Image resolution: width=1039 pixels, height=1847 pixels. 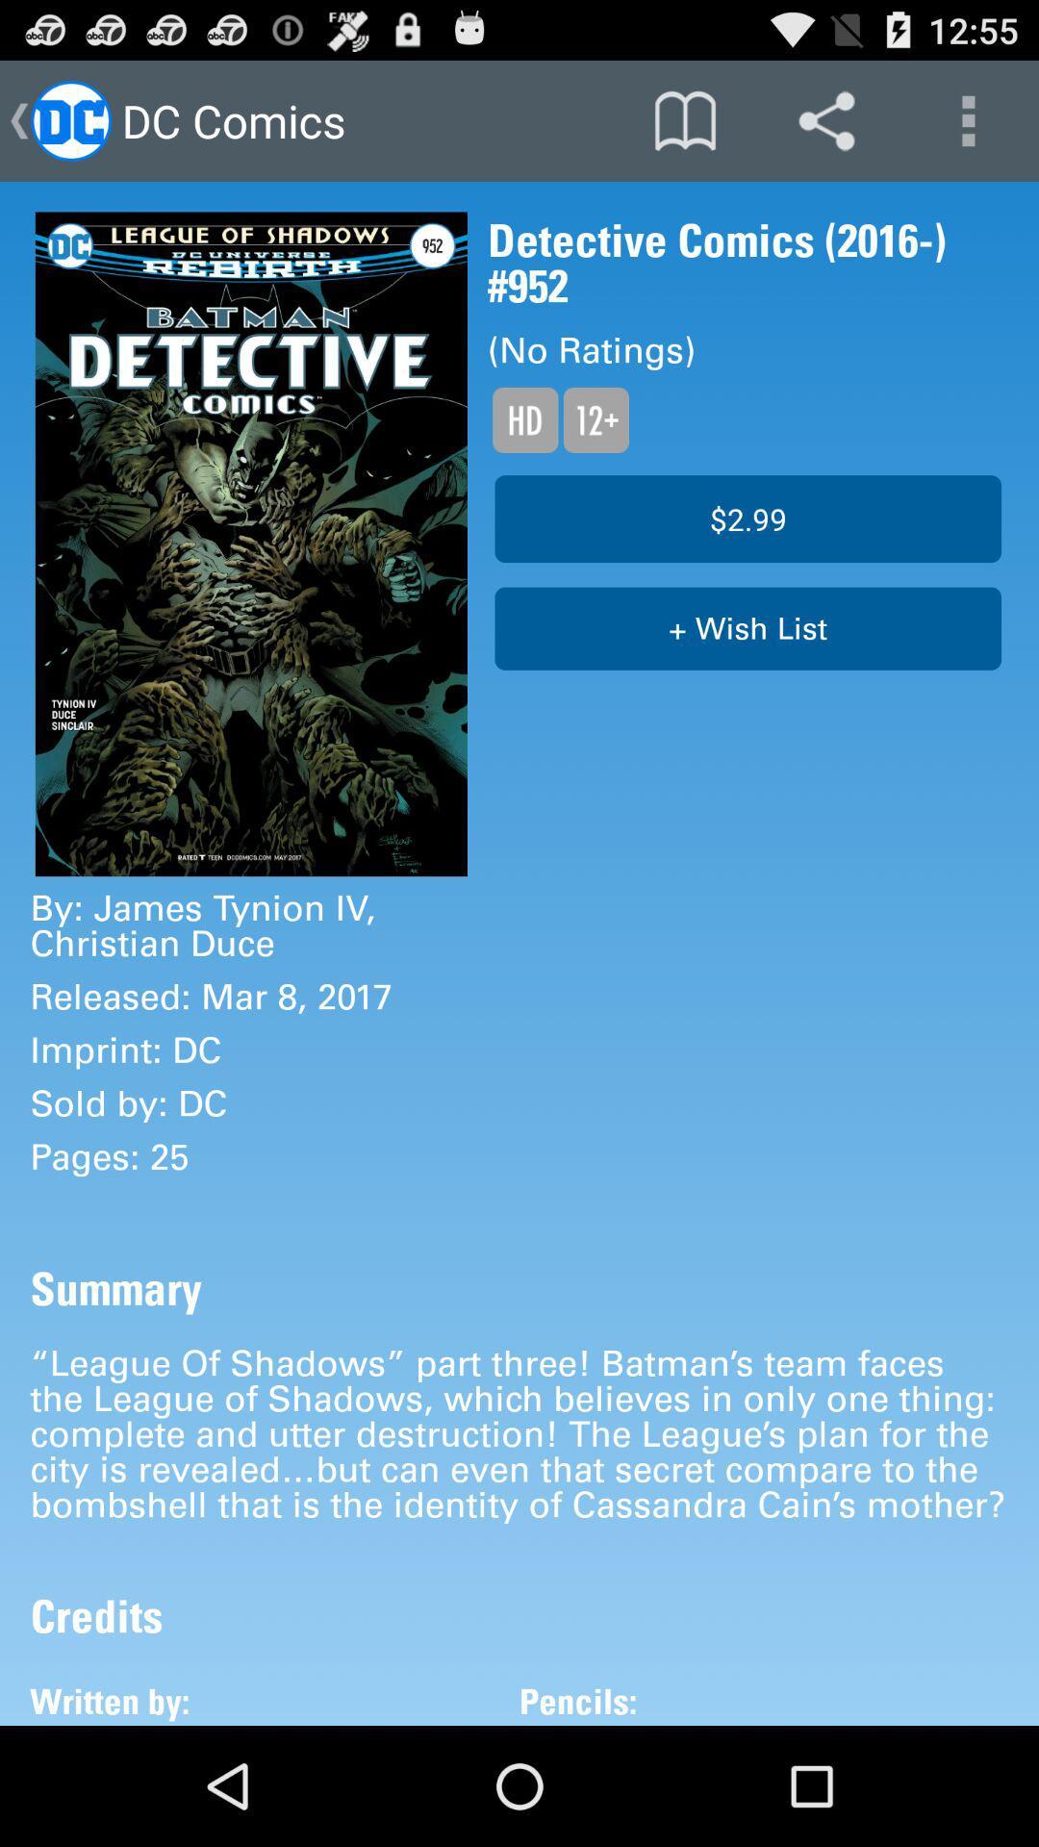 What do you see at coordinates (250, 543) in the screenshot?
I see `item above by james tynion icon` at bounding box center [250, 543].